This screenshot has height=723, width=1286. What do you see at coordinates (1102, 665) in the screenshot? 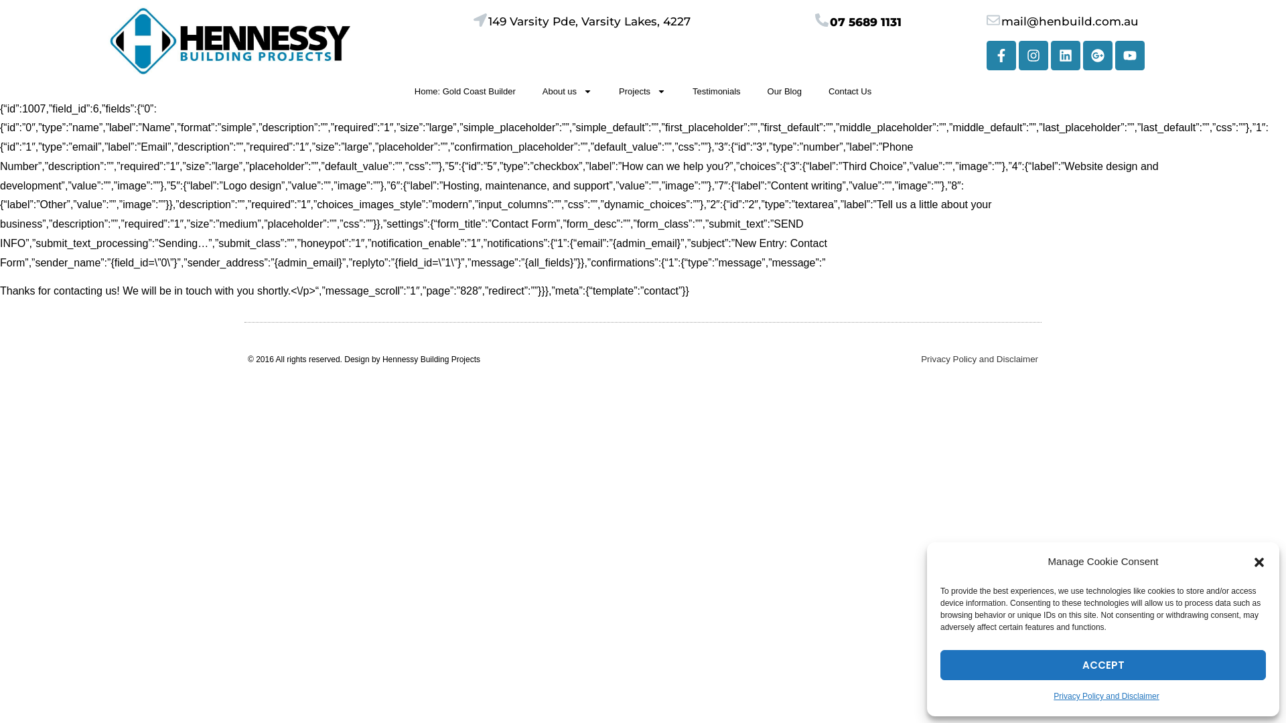
I see `'ACCEPT'` at bounding box center [1102, 665].